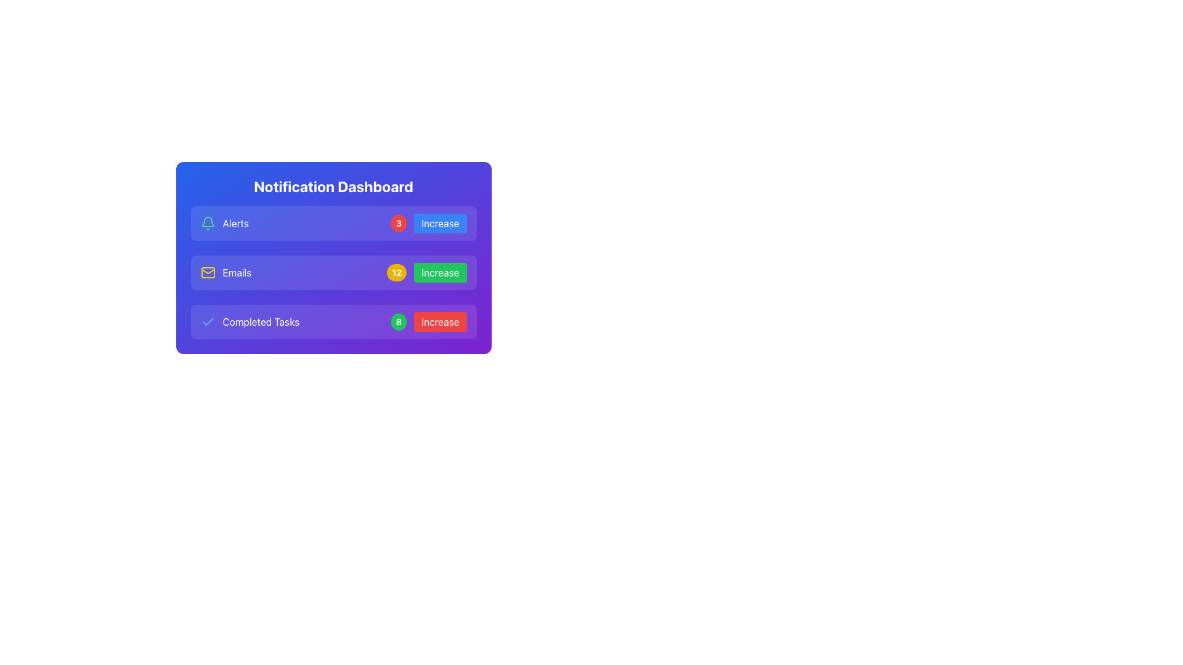 Image resolution: width=1183 pixels, height=665 pixels. I want to click on the interactive button located in the first row of the notification dashboard, positioned to the right of the red circular badge displaying '3', so click(440, 223).